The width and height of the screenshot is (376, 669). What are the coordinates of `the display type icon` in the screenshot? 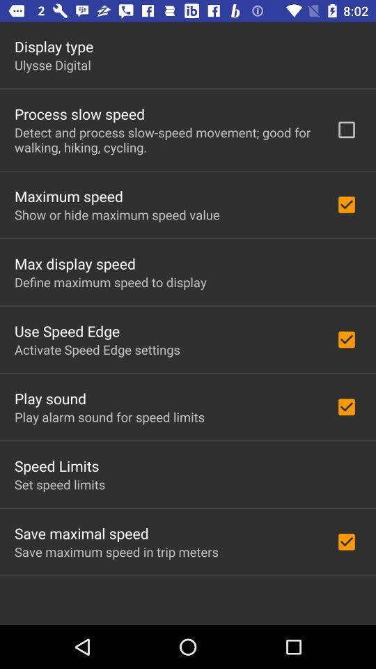 It's located at (53, 46).